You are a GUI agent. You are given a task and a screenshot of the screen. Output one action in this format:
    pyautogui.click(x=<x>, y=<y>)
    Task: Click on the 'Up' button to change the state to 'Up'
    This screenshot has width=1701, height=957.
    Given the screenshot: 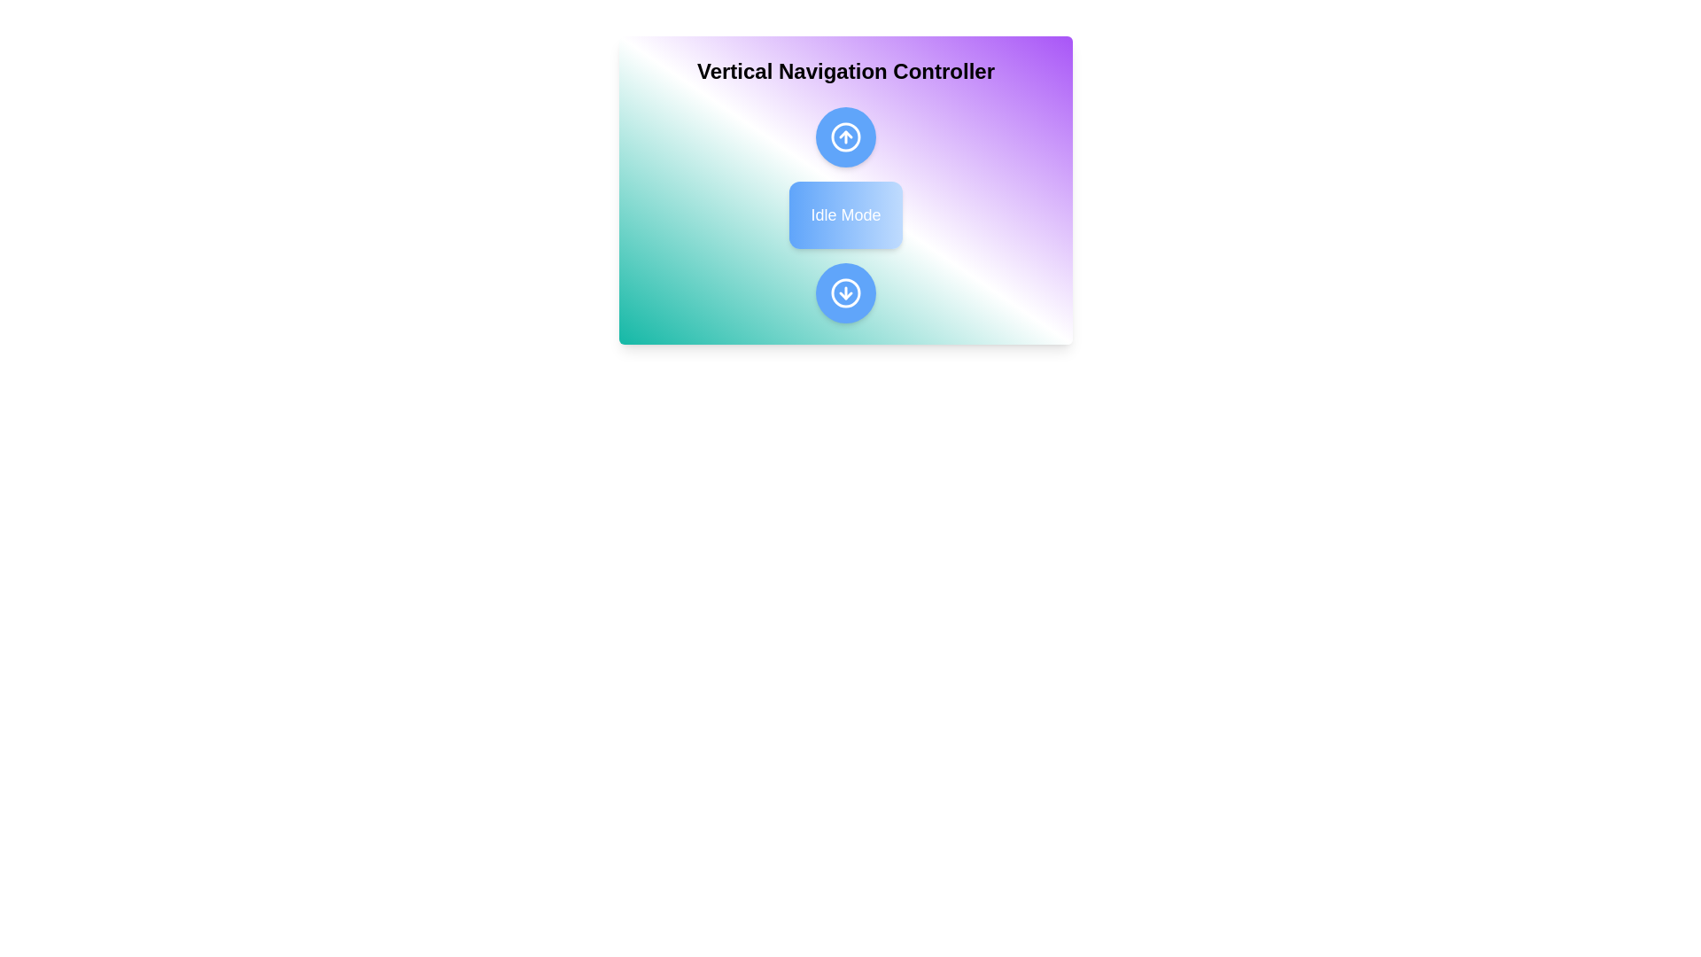 What is the action you would take?
    pyautogui.click(x=845, y=136)
    